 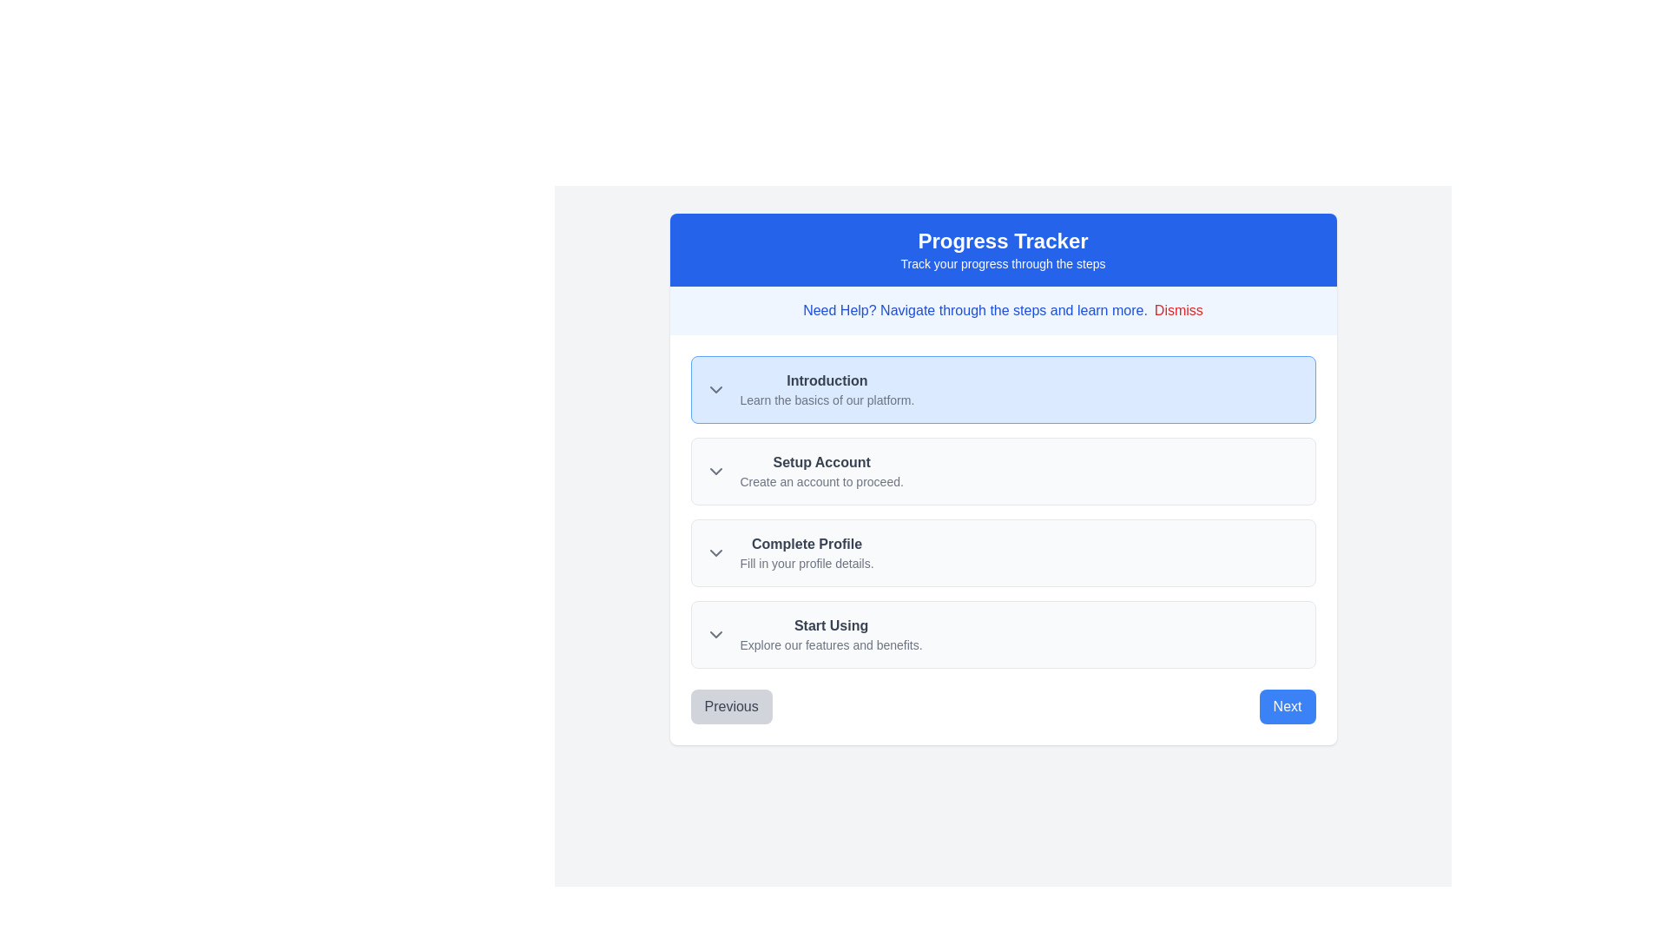 What do you see at coordinates (826, 400) in the screenshot?
I see `the text element reading 'Learn the basics of our platform.' which is styled in light gray and positioned below the bold 'Introduction' label` at bounding box center [826, 400].